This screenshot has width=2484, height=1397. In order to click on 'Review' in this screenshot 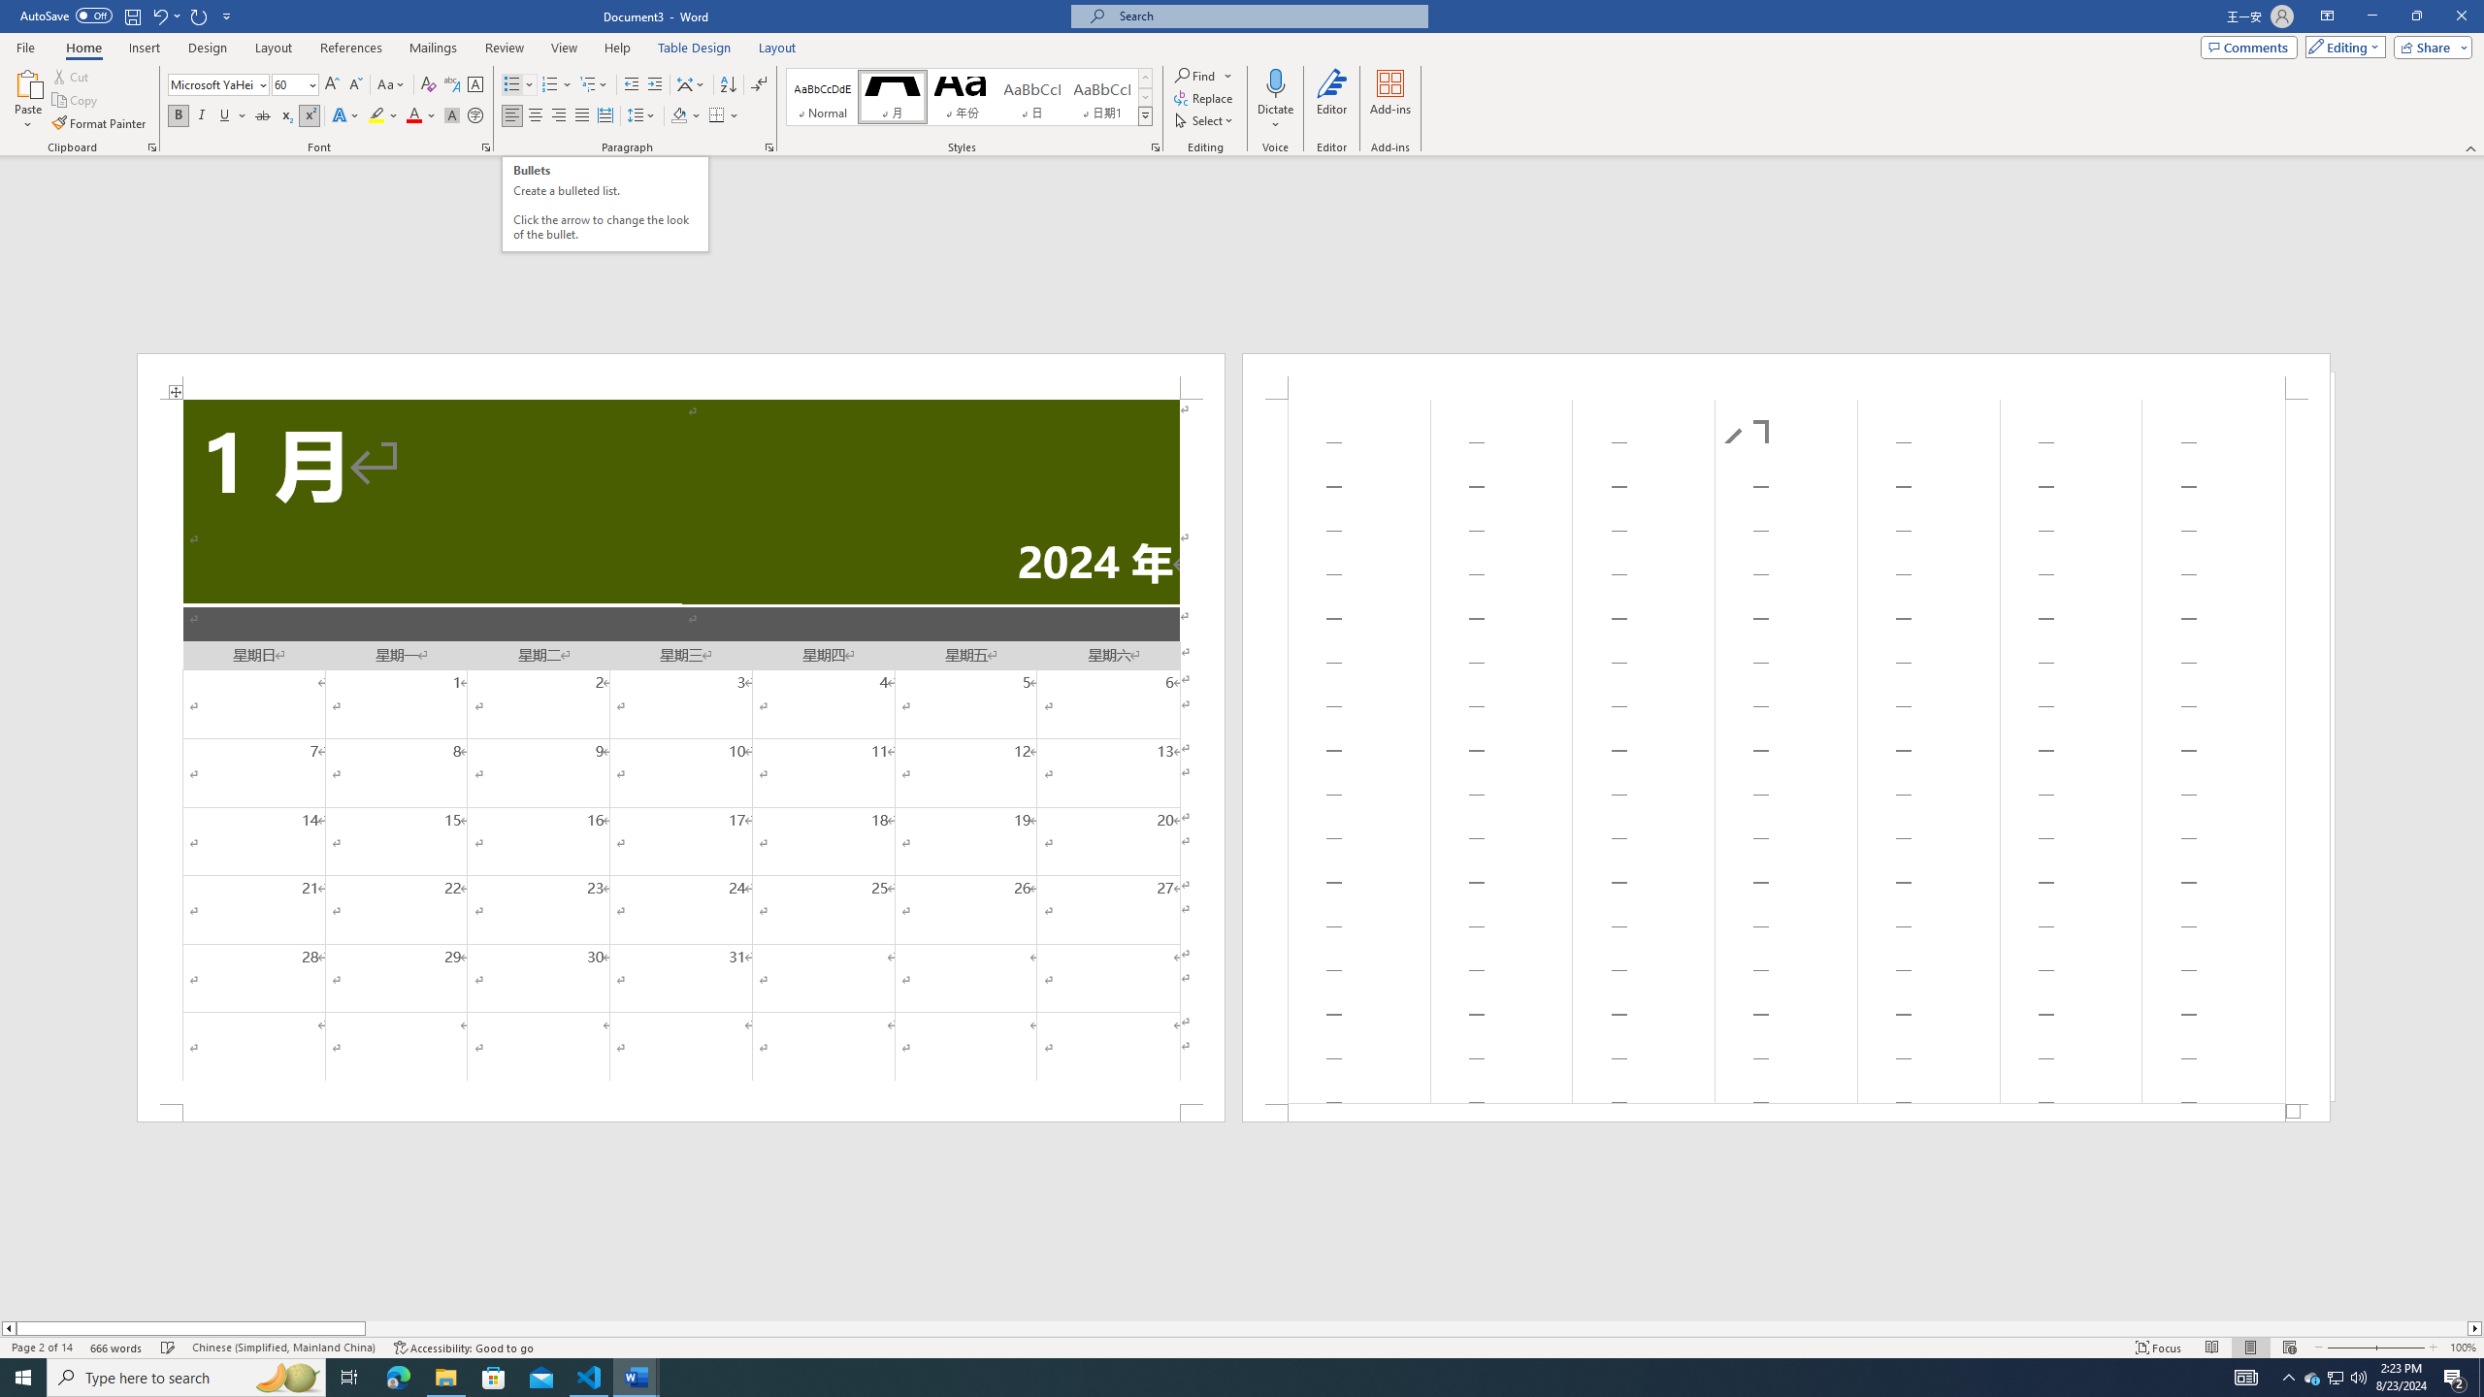, I will do `click(503, 48)`.